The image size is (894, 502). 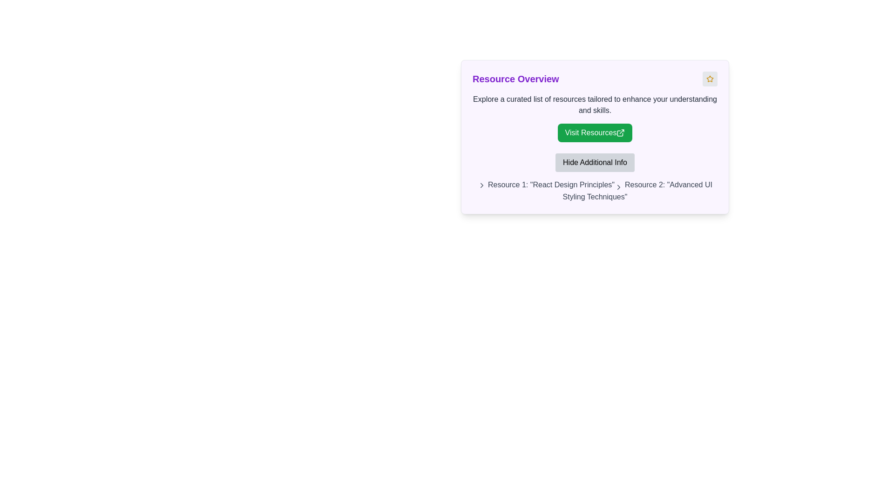 I want to click on the navigational button located within the 'Resource Overview' panel, so click(x=594, y=132).